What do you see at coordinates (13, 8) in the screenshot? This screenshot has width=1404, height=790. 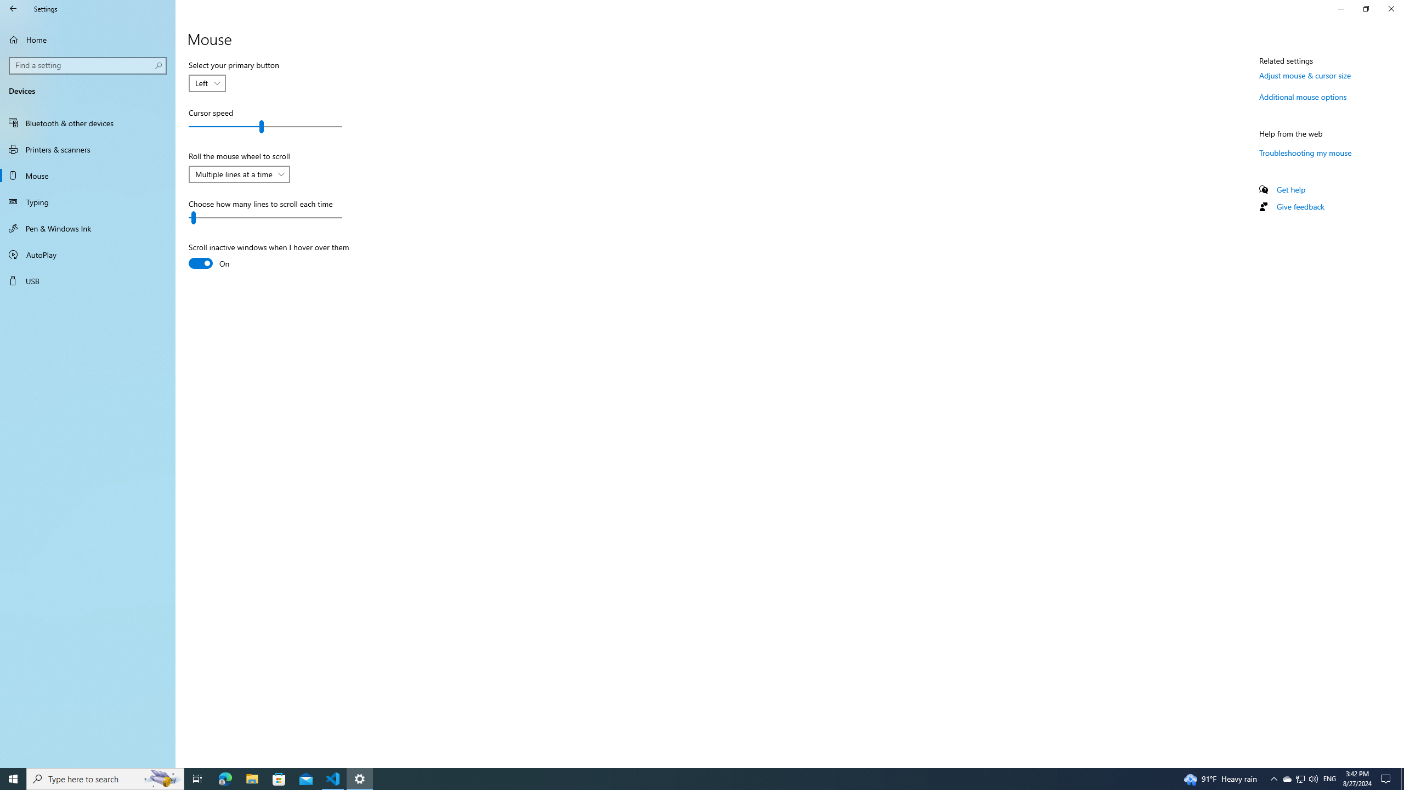 I see `'Back'` at bounding box center [13, 8].